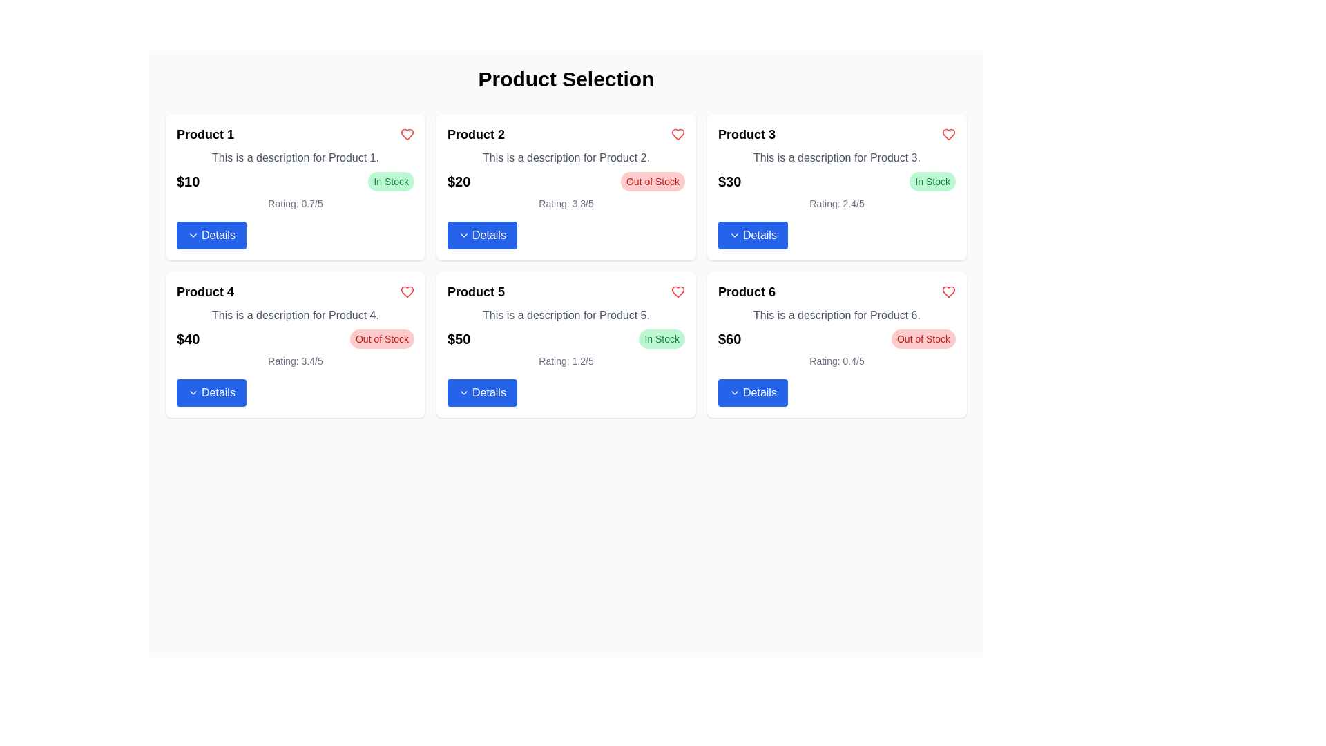  I want to click on the stock status badge indicating that the product is not available for purchase, located next to the price label '$60' in Product 6's card, so click(923, 338).